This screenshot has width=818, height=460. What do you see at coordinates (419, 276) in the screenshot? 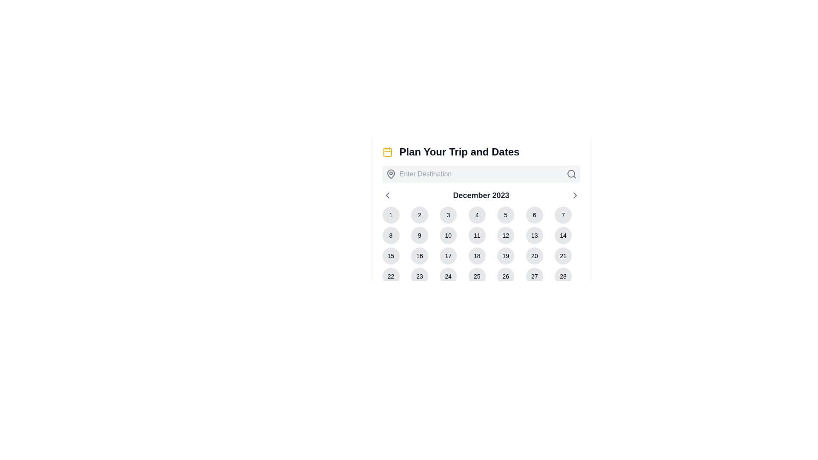
I see `the button representing the 23rd day in the December 2023 calendar` at bounding box center [419, 276].